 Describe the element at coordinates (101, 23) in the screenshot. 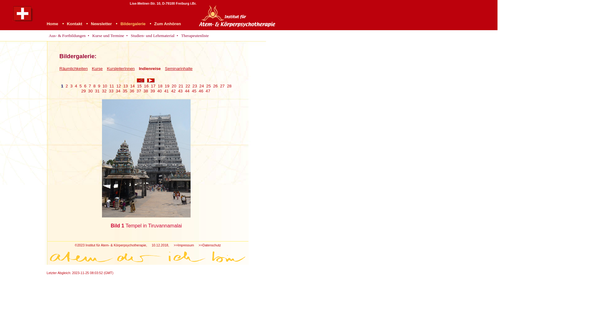

I see `'Newsletter'` at that location.